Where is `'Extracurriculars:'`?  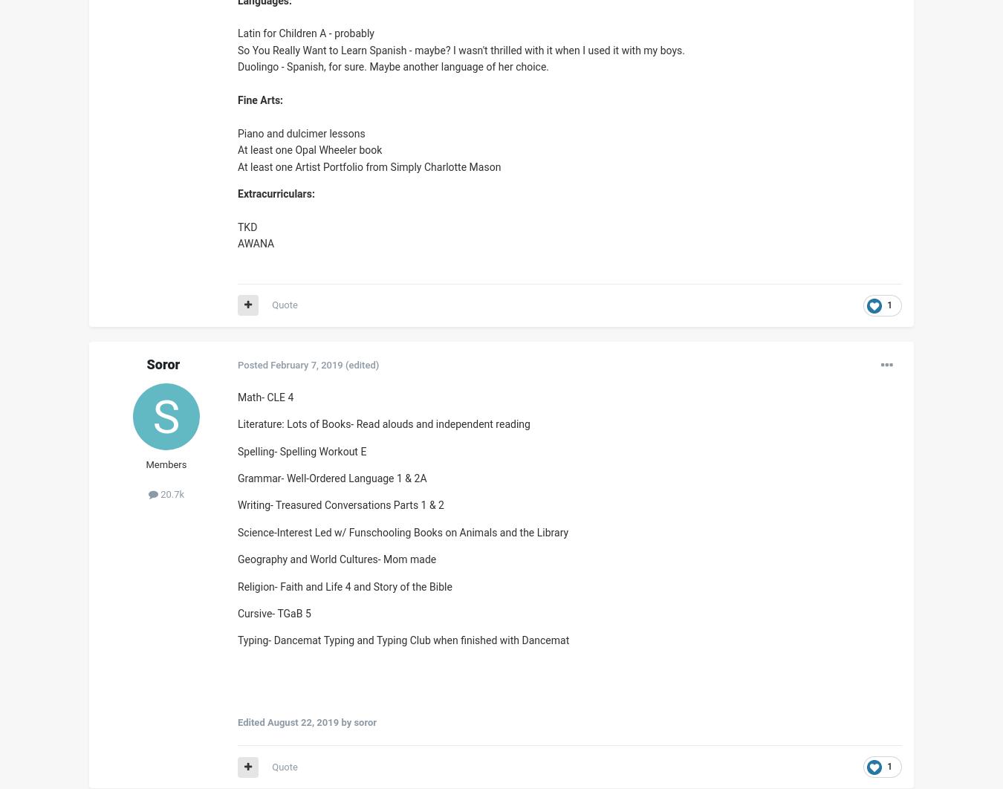
'Extracurriculars:' is located at coordinates (276, 192).